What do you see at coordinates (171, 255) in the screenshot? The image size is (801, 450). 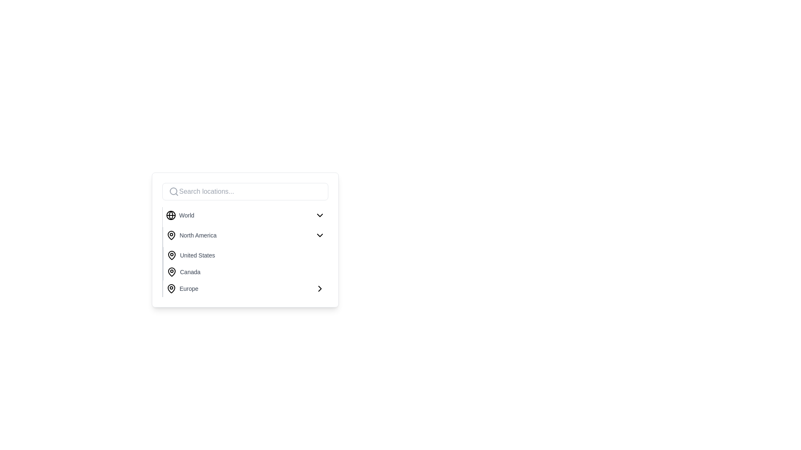 I see `the location pin icon that is styled with a black outline and hollow center, located to the left of the text 'United States' in the dropdown menu` at bounding box center [171, 255].